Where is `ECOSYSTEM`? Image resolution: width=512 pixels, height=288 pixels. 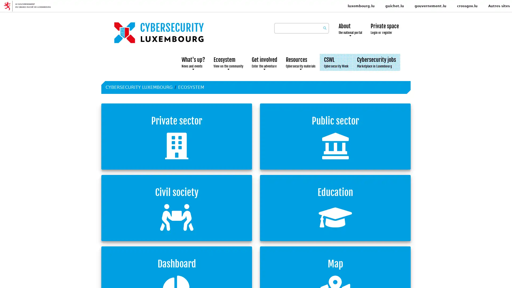
ECOSYSTEM is located at coordinates (191, 87).